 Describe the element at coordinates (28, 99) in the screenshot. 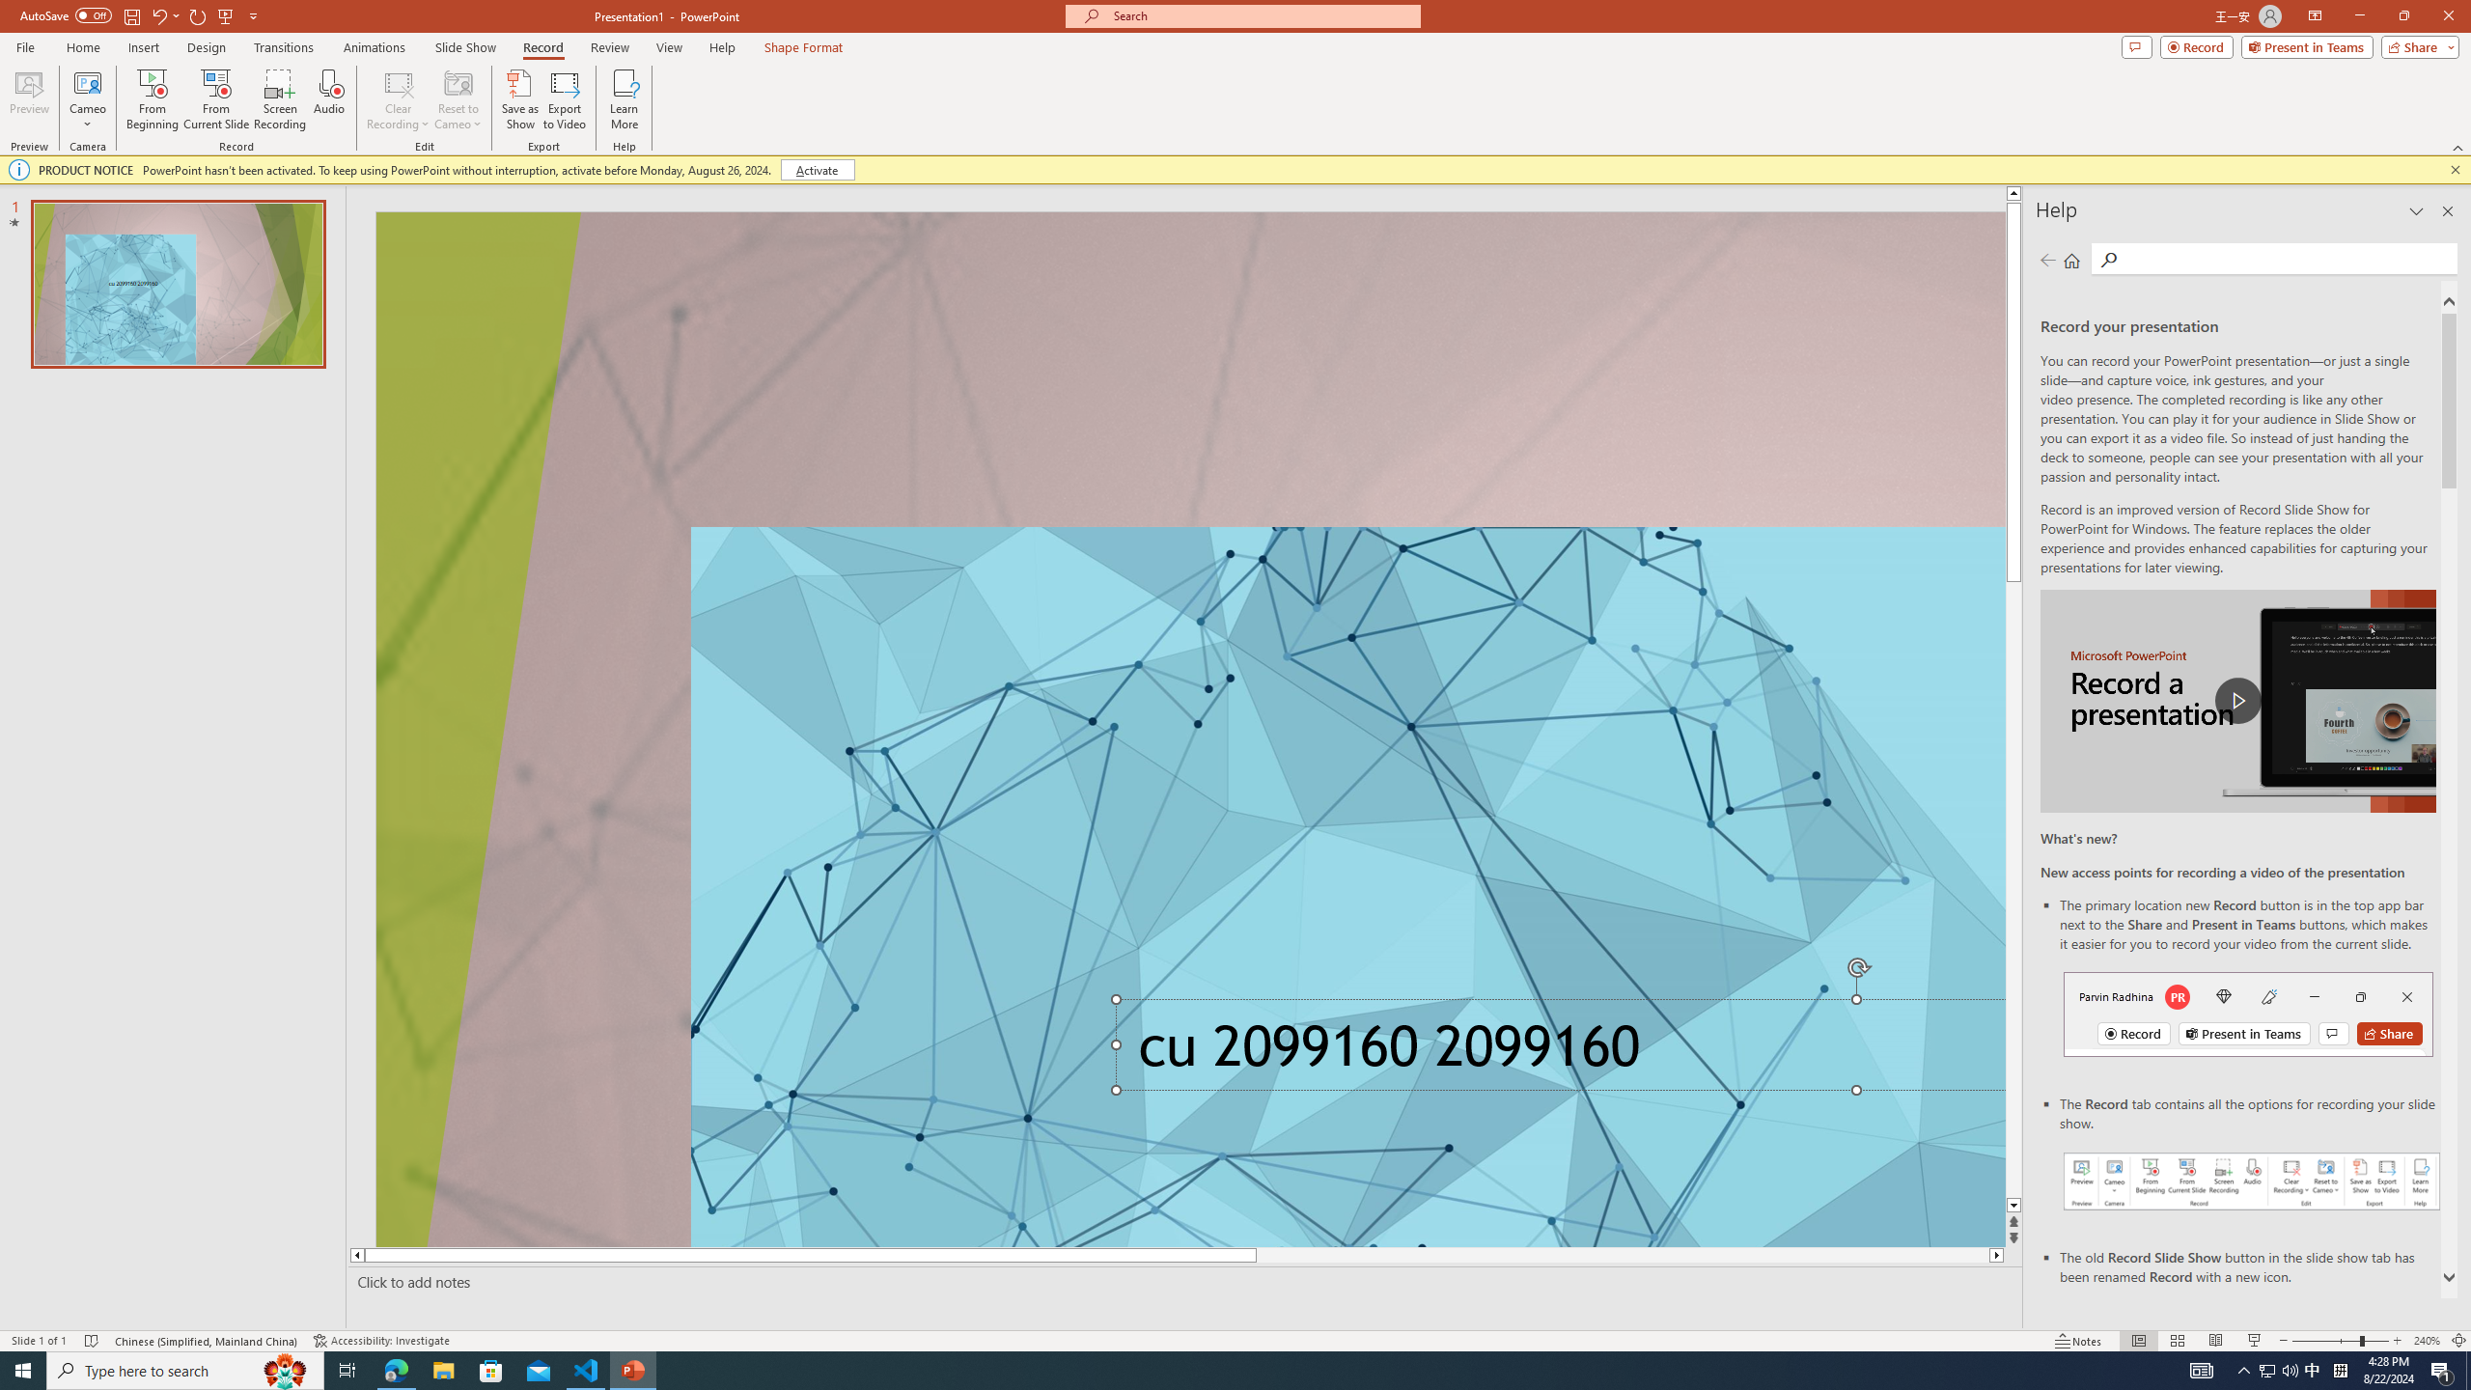

I see `'Preview'` at that location.